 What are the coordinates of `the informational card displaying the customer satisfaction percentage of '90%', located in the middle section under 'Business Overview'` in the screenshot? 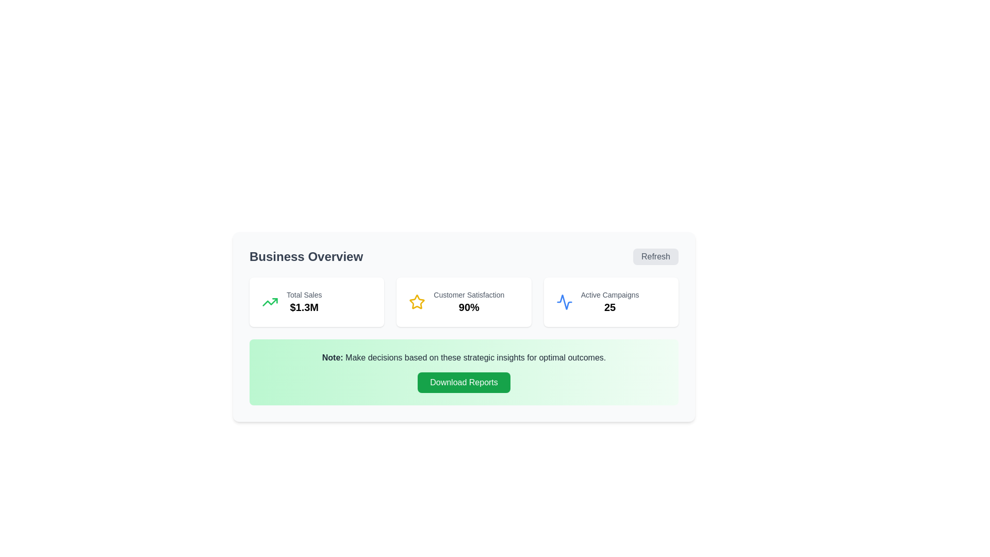 It's located at (464, 326).